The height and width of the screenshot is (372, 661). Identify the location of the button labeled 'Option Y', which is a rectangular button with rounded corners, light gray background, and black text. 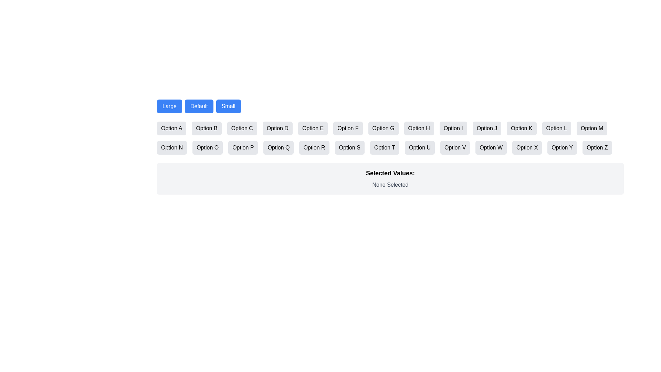
(562, 147).